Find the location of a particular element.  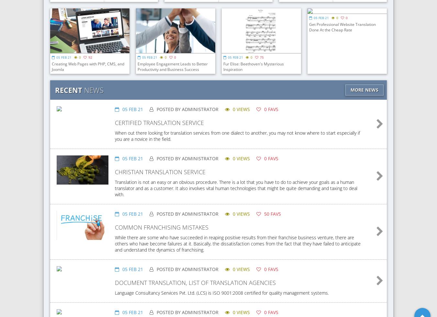

'Common Franchising Mistakes' is located at coordinates (161, 227).